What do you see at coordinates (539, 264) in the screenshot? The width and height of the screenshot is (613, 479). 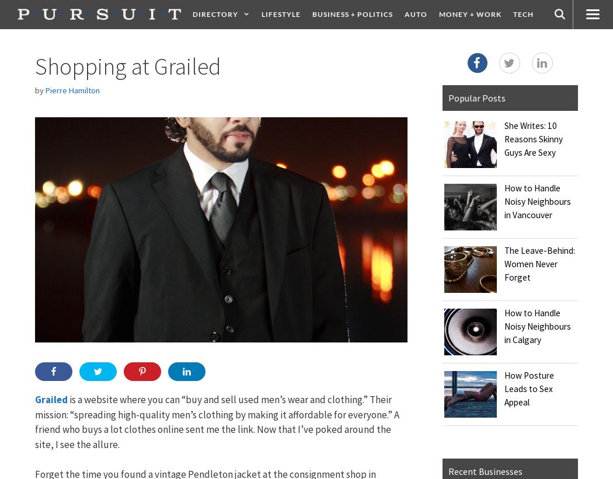 I see `'The Leave-Behind: Women Never Forget'` at bounding box center [539, 264].